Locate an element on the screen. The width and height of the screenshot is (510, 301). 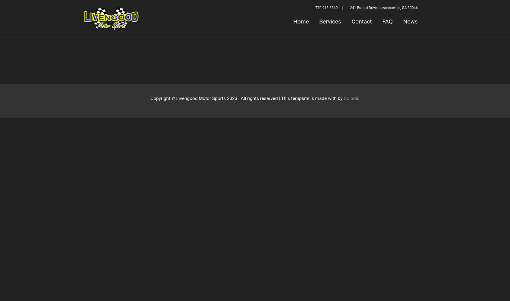
'Home' is located at coordinates (301, 21).